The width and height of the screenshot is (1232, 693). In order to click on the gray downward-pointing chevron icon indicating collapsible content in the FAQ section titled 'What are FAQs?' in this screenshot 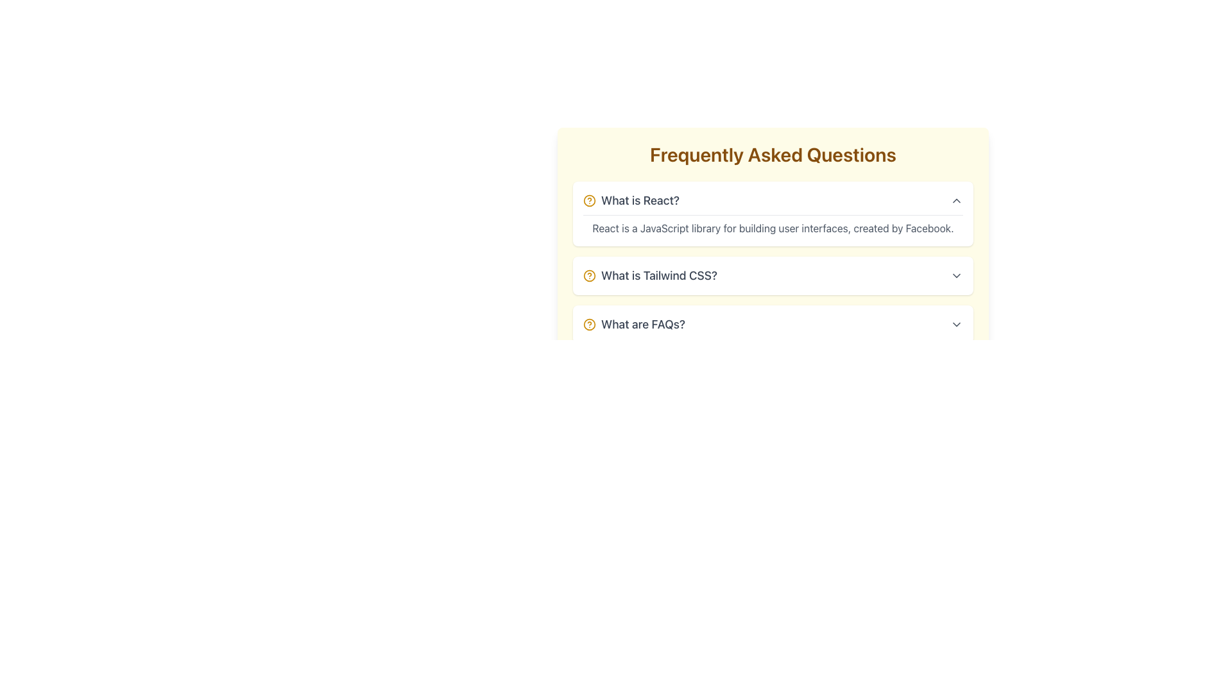, I will do `click(957, 323)`.